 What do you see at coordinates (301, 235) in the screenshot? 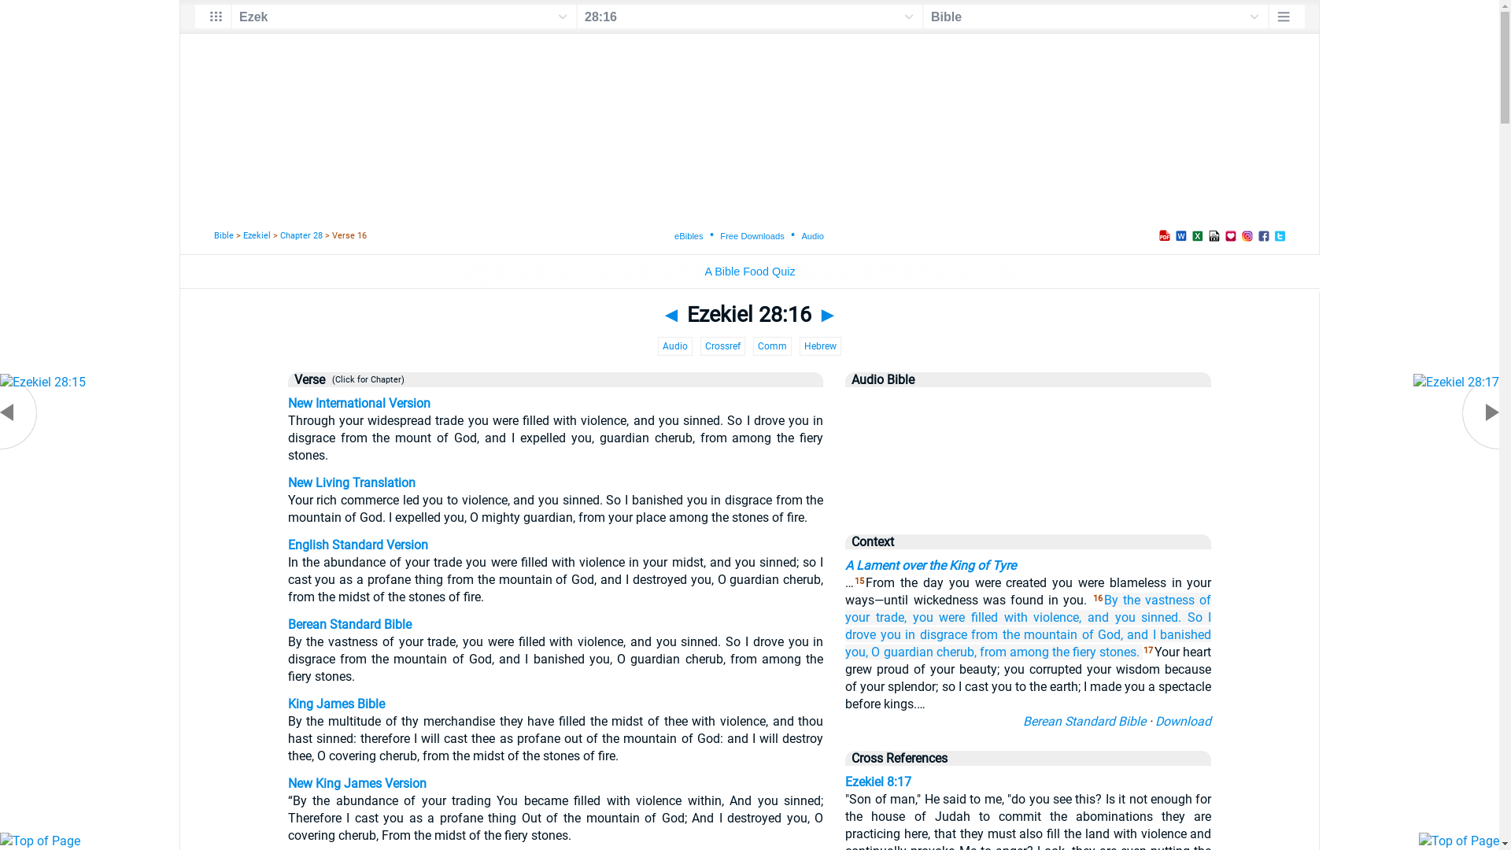
I see `'Chapter 28'` at bounding box center [301, 235].